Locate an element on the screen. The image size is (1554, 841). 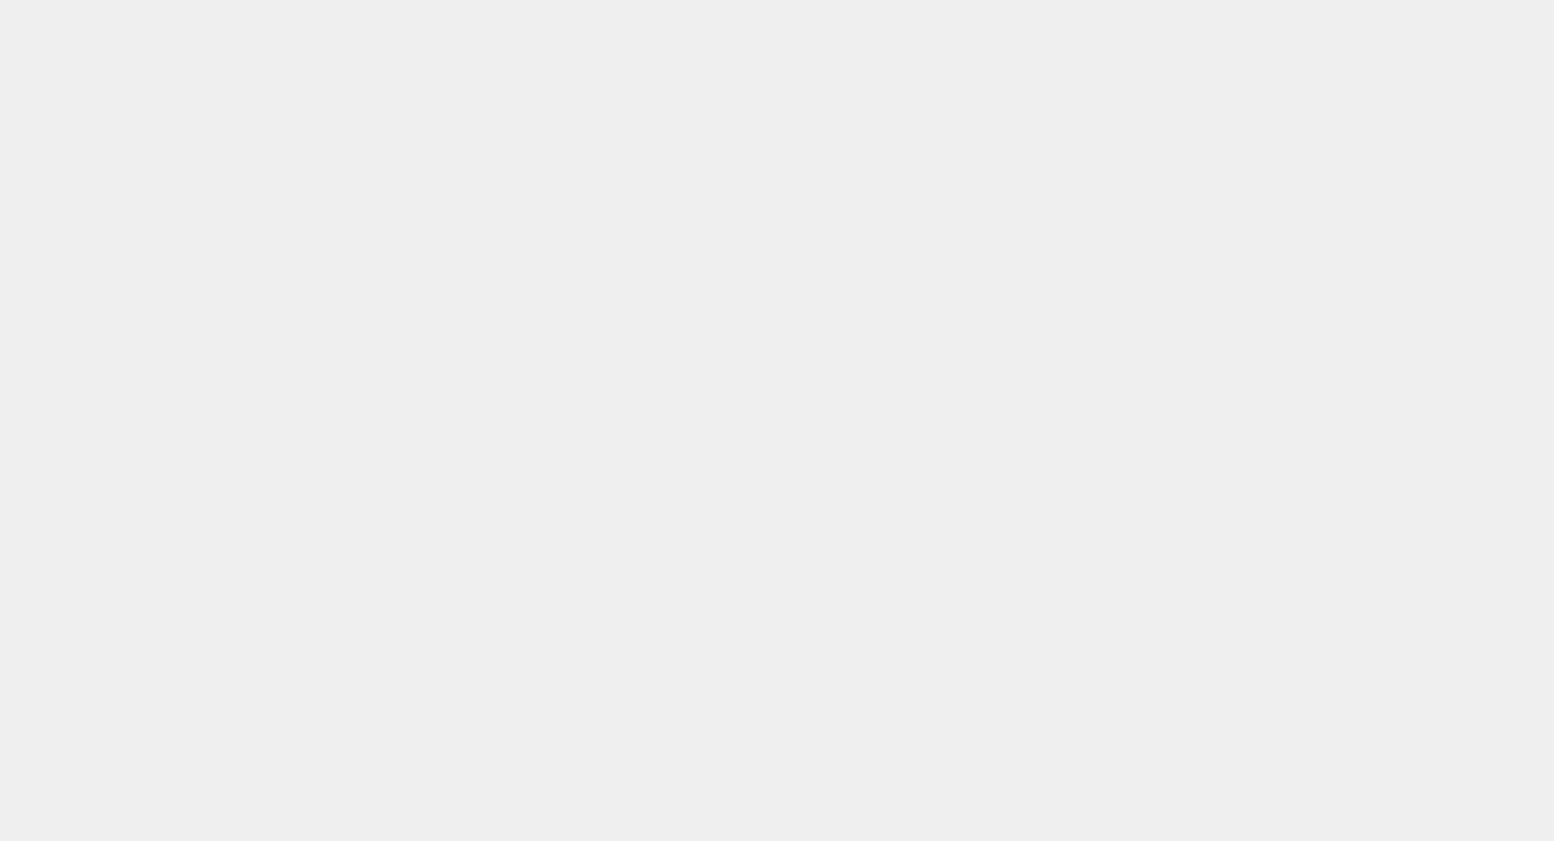
'BYOUNG LEE appointed chief financial officer; formerly chief financial officer/vice president special projects at REMEC Defense & Space.' is located at coordinates (567, 574).